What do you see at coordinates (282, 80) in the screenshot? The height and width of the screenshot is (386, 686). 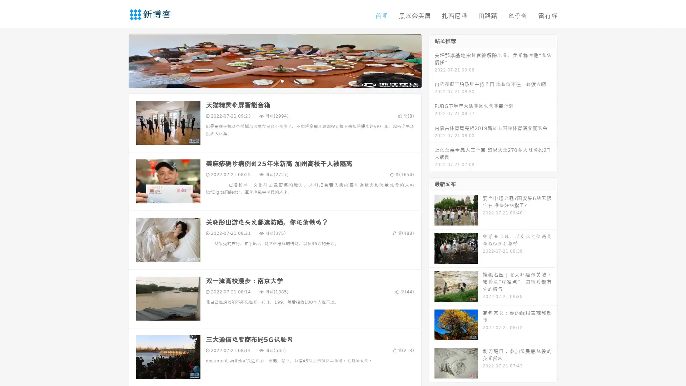 I see `Go to slide 3` at bounding box center [282, 80].